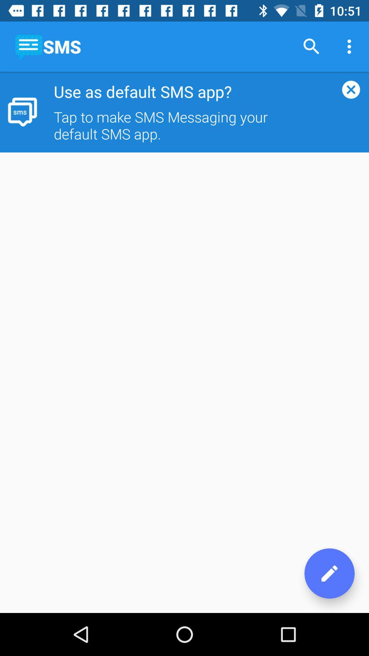 This screenshot has width=369, height=656. I want to click on item next to sms icon, so click(311, 46).